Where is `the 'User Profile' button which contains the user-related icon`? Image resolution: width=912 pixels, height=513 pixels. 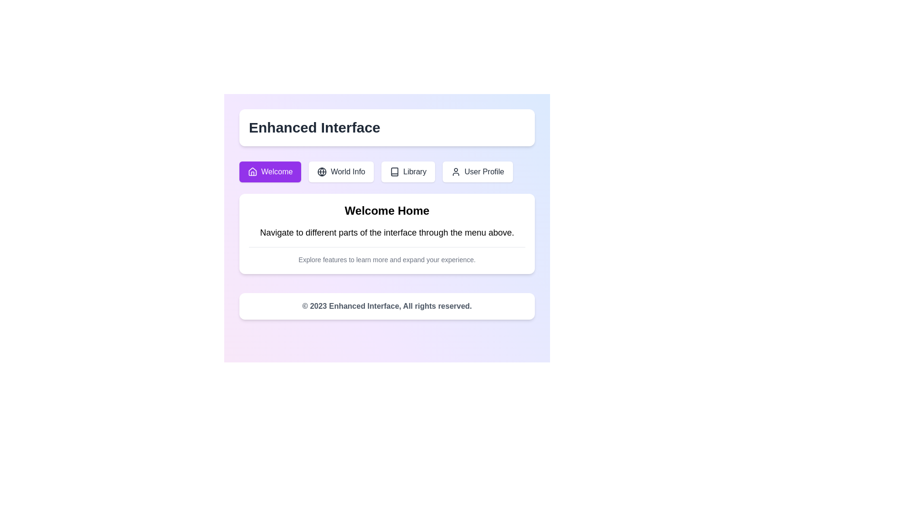 the 'User Profile' button which contains the user-related icon is located at coordinates (456, 171).